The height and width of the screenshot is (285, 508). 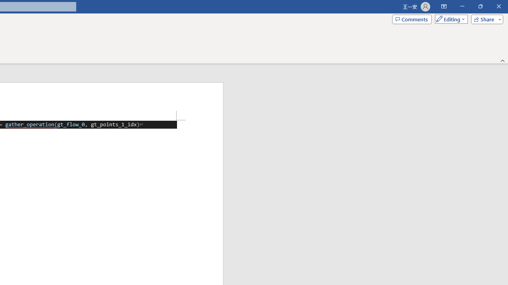 I want to click on 'Restore Down', so click(x=480, y=6).